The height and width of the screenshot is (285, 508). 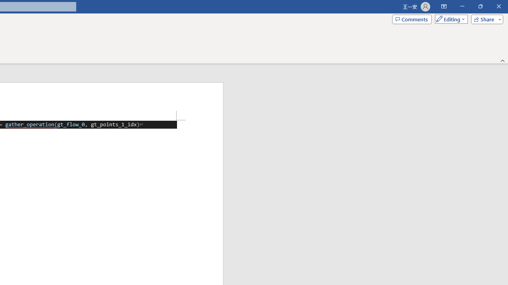 I want to click on 'Restore Down', so click(x=480, y=6).